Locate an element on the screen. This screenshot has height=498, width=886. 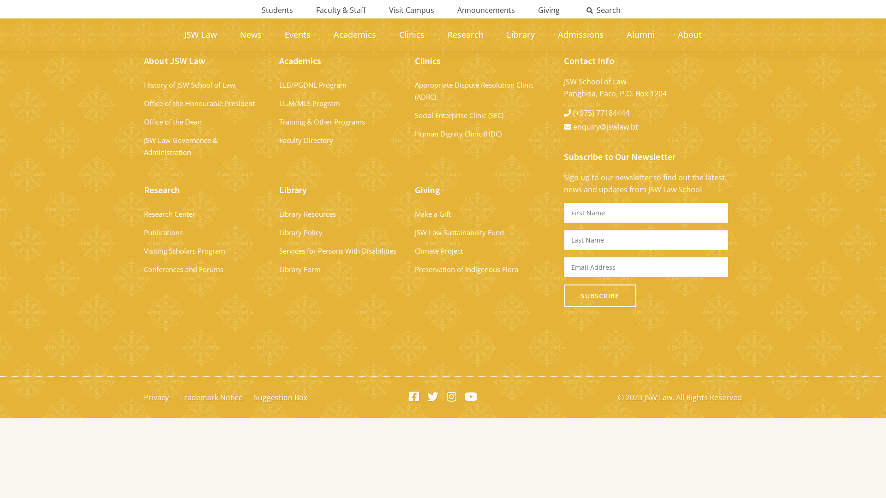
'Preservation of Indigenous Flora' is located at coordinates (467, 269).